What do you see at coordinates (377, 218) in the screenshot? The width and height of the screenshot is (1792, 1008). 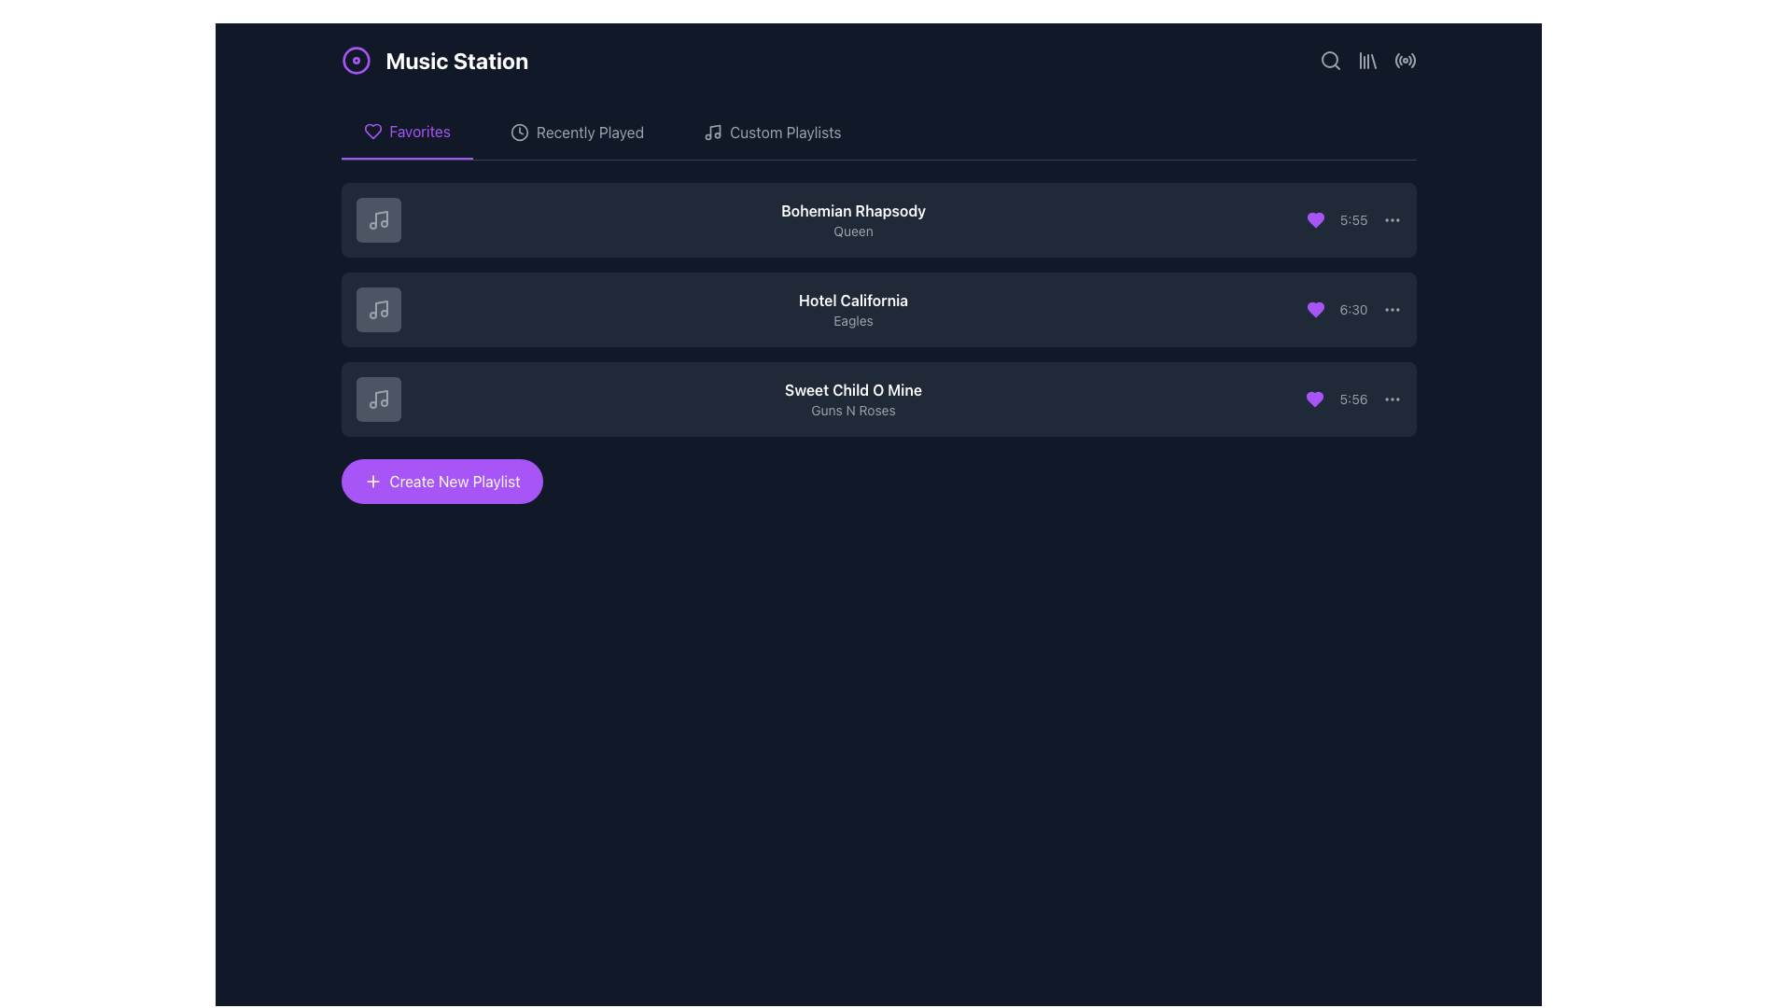 I see `the gray musical note icon located within the first playlist entry of the app interface` at bounding box center [377, 218].